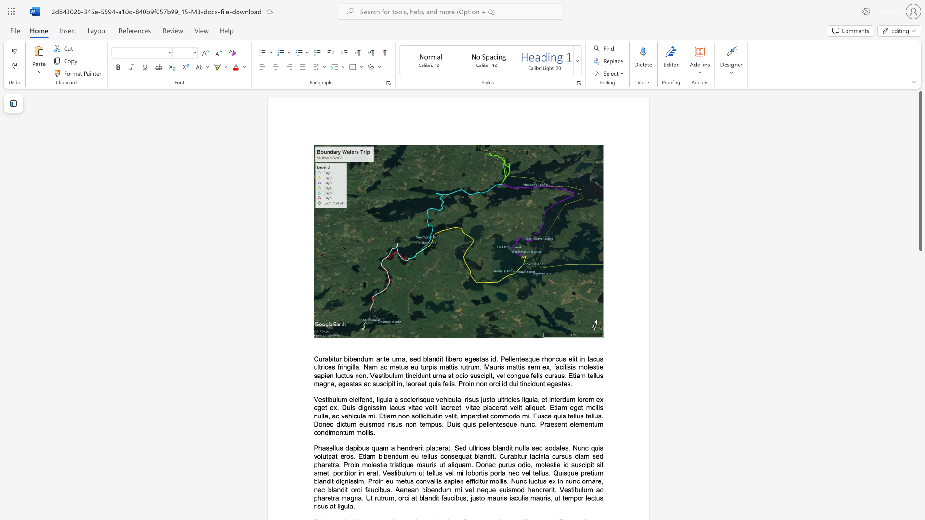 This screenshot has height=520, width=925. Describe the element at coordinates (377, 490) in the screenshot. I see `the subset text "ibus. Aenean bibendum mi vel neque euismod hendrerit. Vestibulum ac pharetra magna. Ut rutrum, orci at blandit faucibus, justo mauris iaculis" within the text "Phasellus dapibus quam a hendrerit placerat. Sed ultrices blandit nulla sed sodales. Nunc quis volutpat eros. Etiam bibendum eu tellus consequat blandit. Curabitur lacinia cursus diam sed pharetra. Proin molestie tristique mauris ut aliquam. Donec purus odio, molestie id suscipit sit amet, porttitor in erat. Vestibulum ut tellus vel mi lobortis porta nec vel tellus. Quisque pretium blandit dignissim. Proin eu metus convallis sapien efficitur mollis. Nunc luctus ex in nunc ornare, nec blandit orci faucibus. Aenean bibendum mi vel neque euismod hendrerit. Vestibulum ac pharetra magna. Ut rutrum, orci at blandit faucibus, justo mauris iaculis mauris, ut tempor lectus risus at ligula."` at that location.